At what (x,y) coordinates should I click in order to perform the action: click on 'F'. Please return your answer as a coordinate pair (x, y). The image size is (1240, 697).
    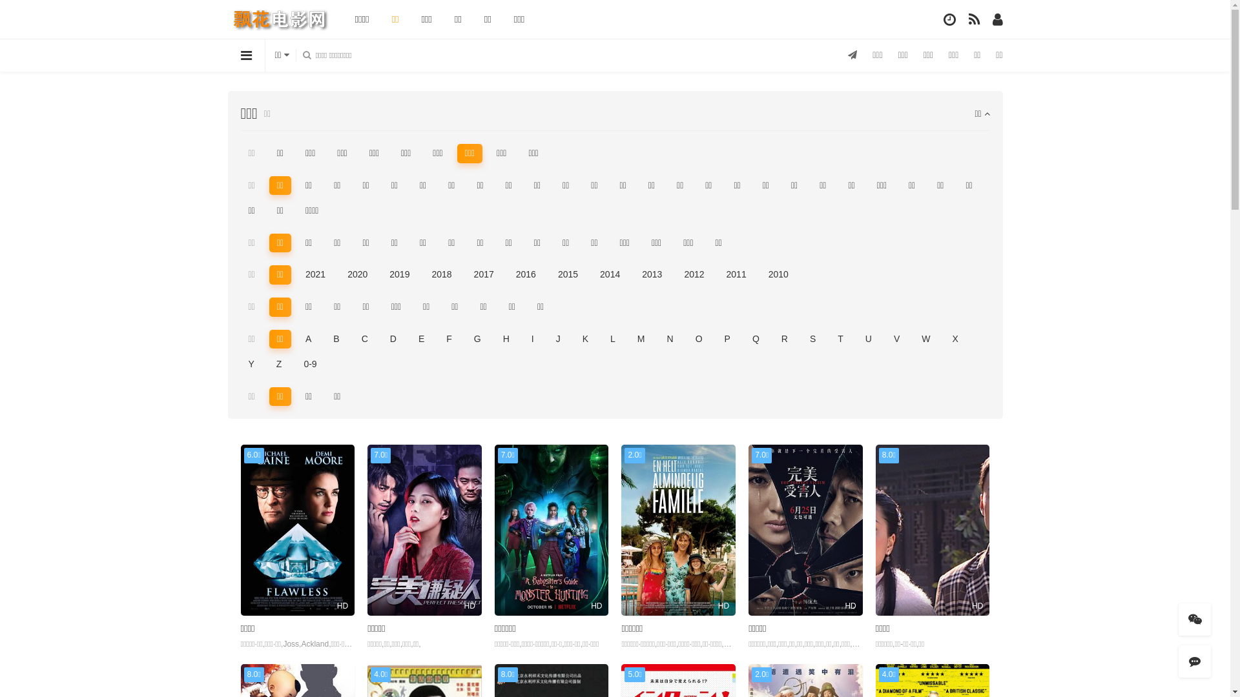
    Looking at the image, I should click on (449, 338).